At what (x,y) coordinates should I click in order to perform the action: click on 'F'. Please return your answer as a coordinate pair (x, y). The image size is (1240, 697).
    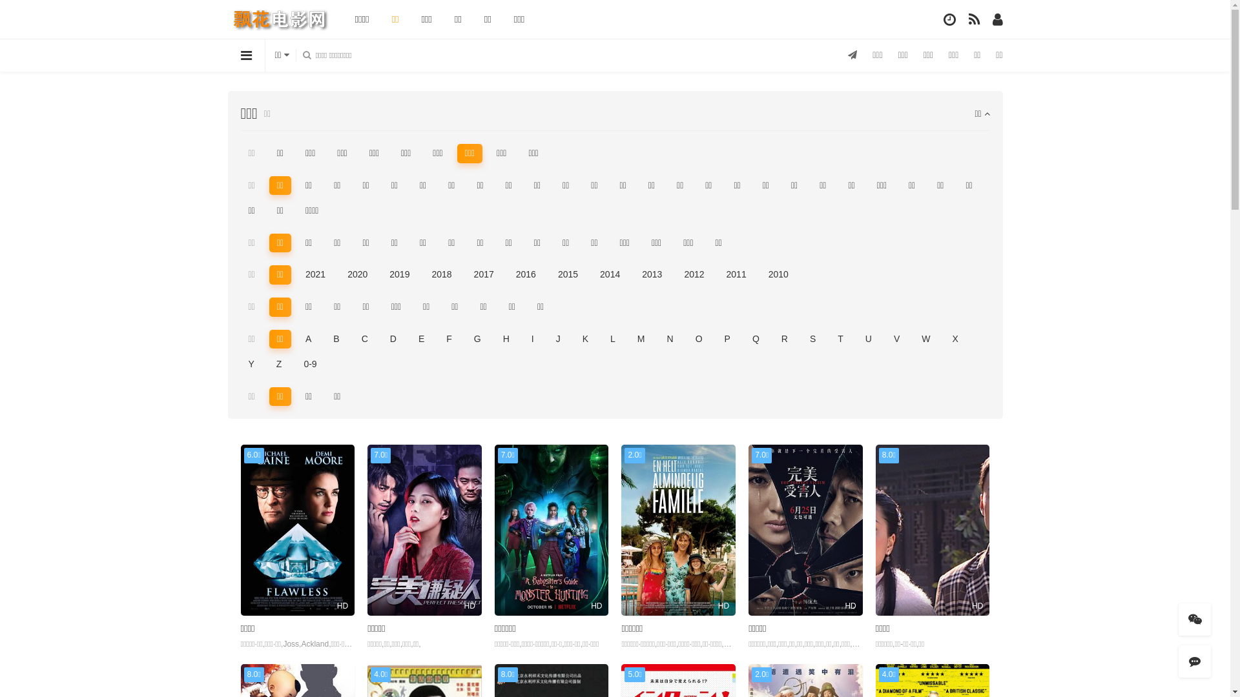
    Looking at the image, I should click on (449, 338).